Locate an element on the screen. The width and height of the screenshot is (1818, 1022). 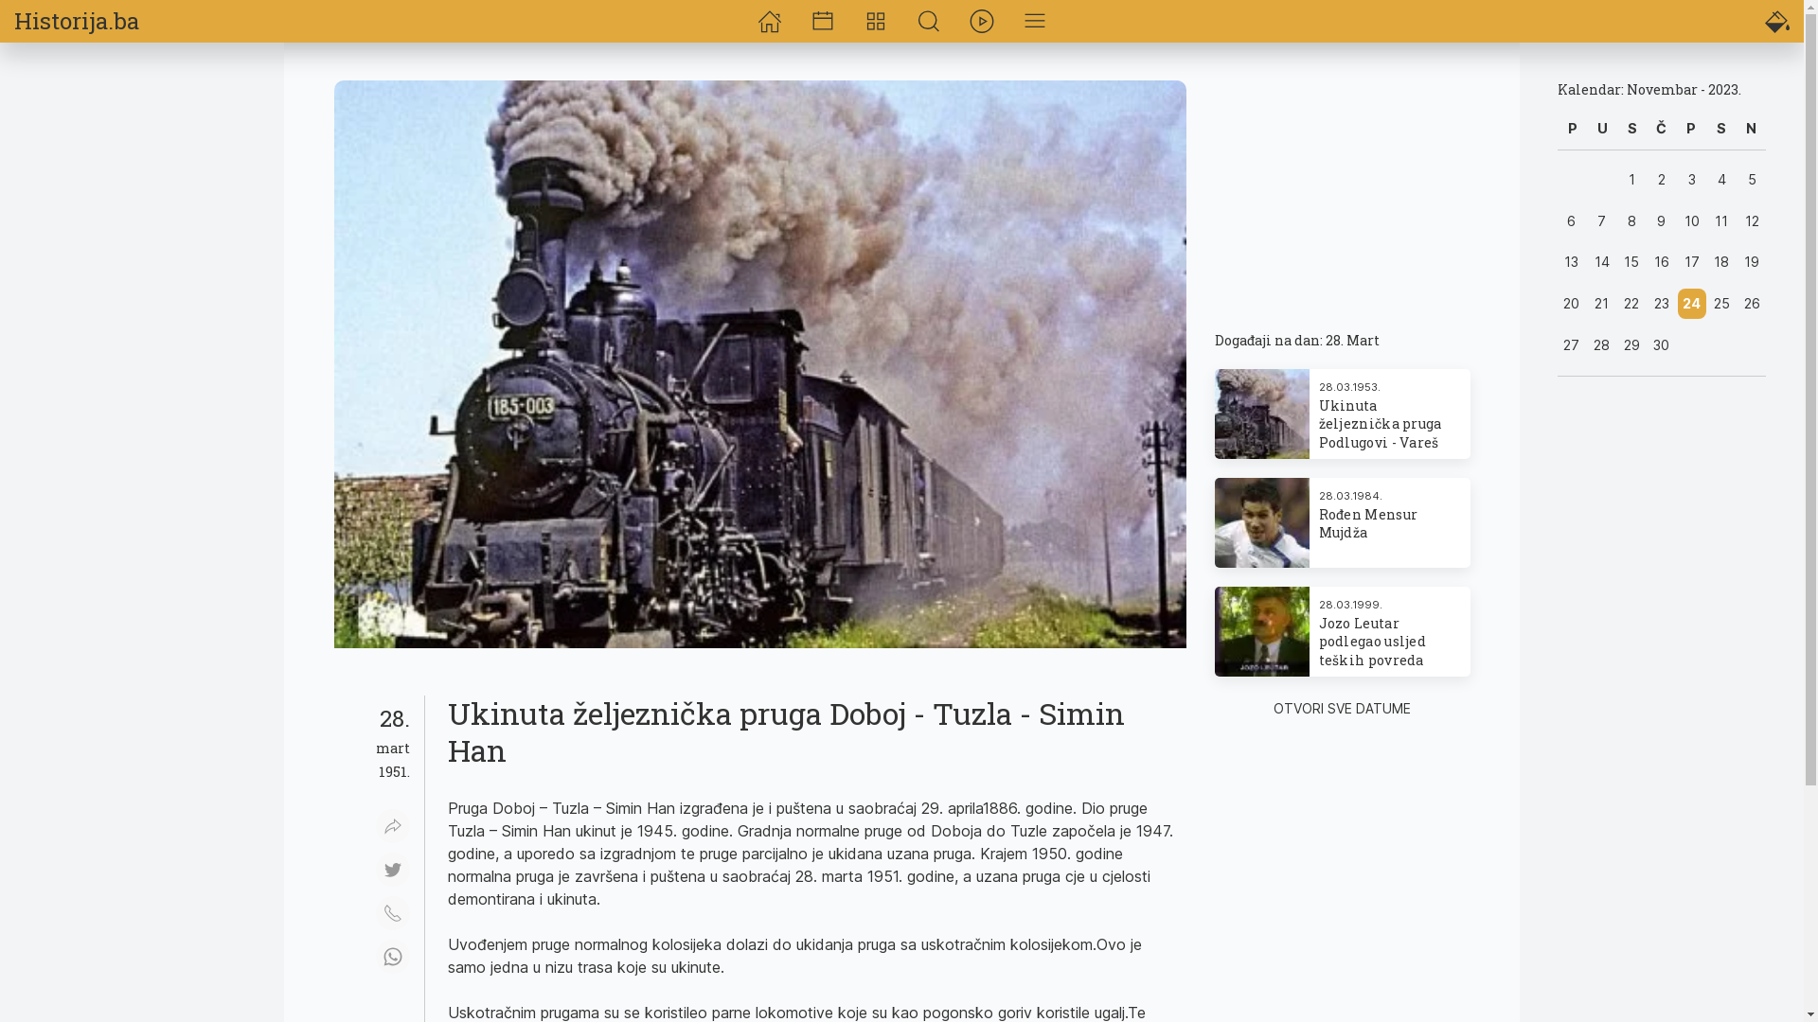
'26' is located at coordinates (1737, 302).